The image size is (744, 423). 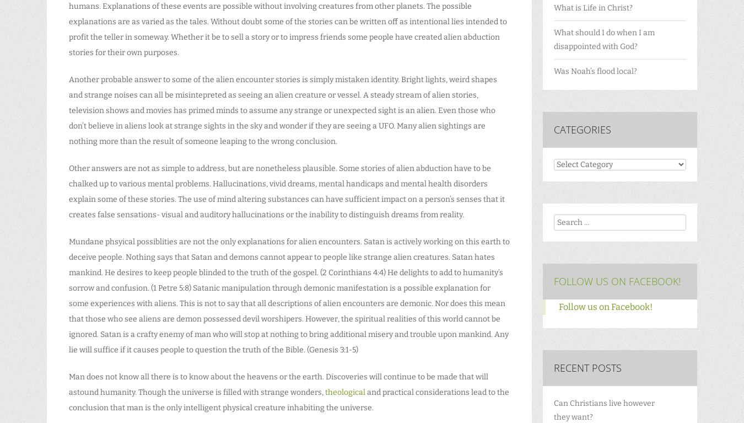 What do you see at coordinates (278, 384) in the screenshot?
I see `'Man does not know all there is to know about the heavens or the earth. Discoveries will continue to be made that will astound humanity. Though the universe is filled with strange wonders,'` at bounding box center [278, 384].